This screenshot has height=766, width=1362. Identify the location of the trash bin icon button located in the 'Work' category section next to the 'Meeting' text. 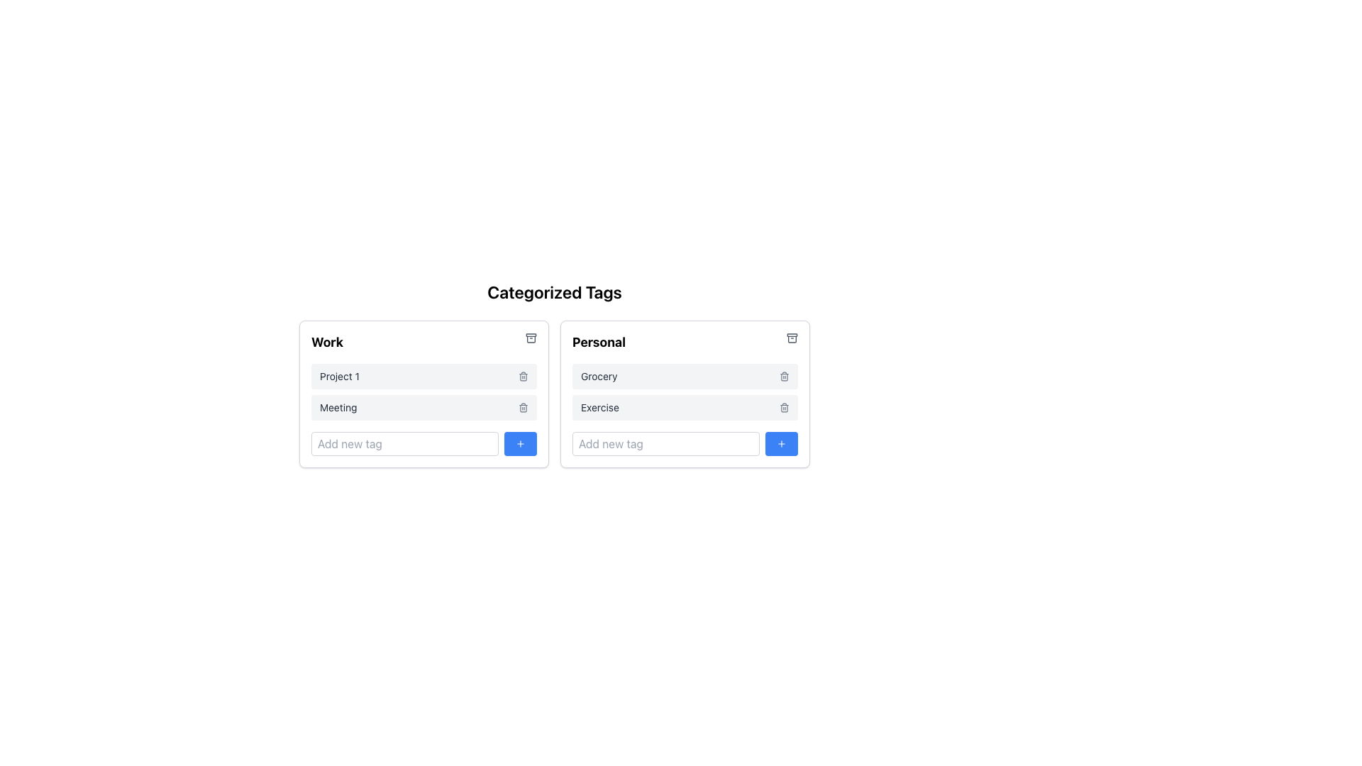
(523, 407).